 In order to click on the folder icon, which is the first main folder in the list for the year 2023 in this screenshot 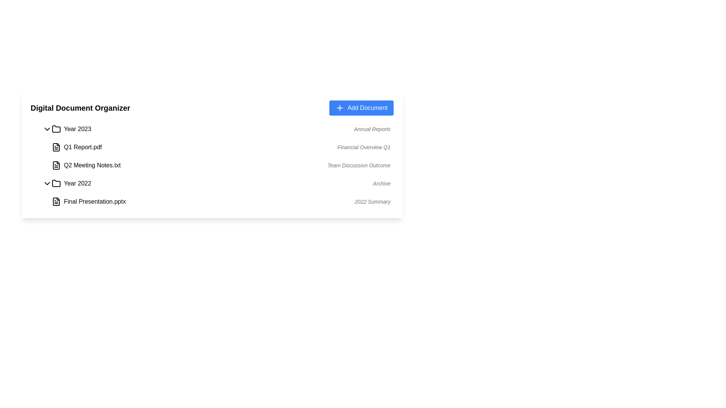, I will do `click(56, 128)`.